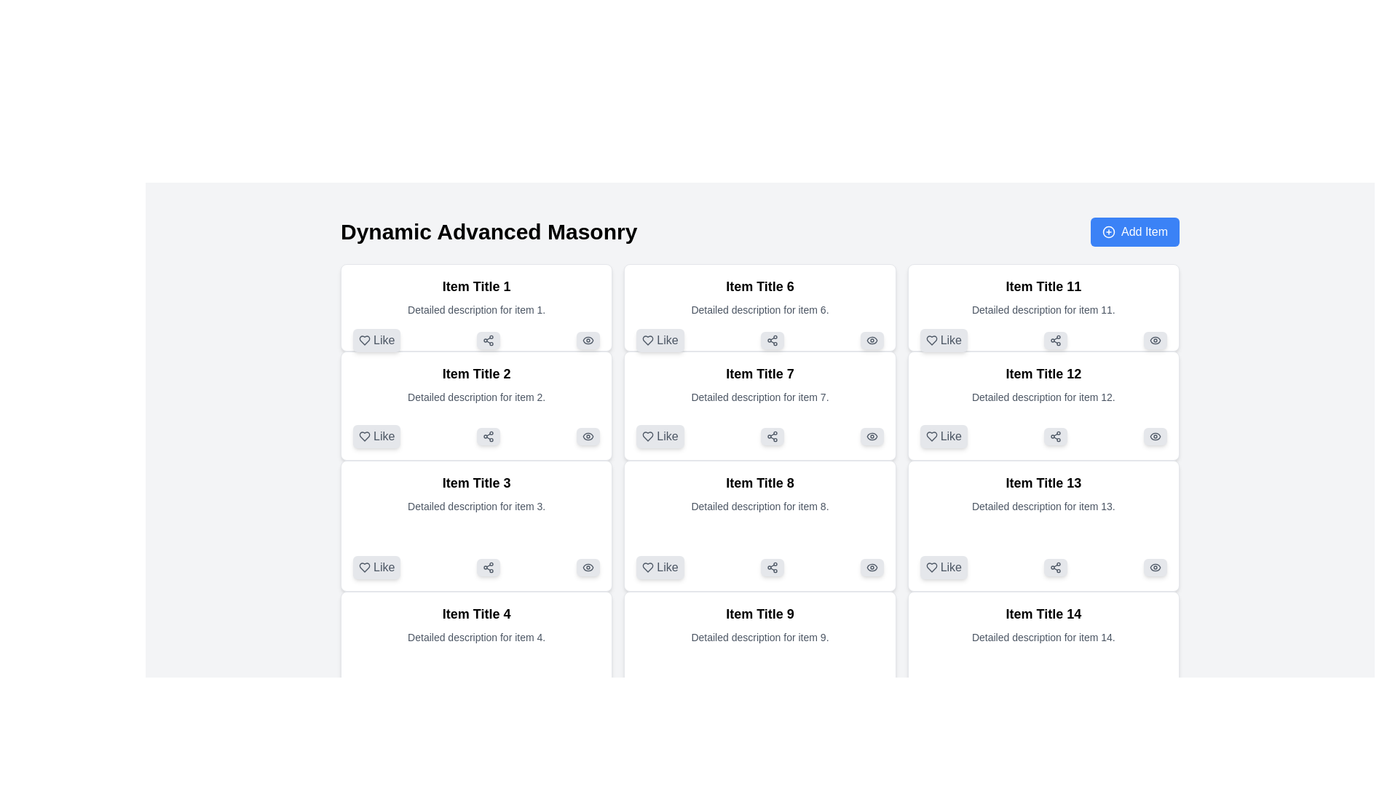 The image size is (1398, 786). What do you see at coordinates (771, 566) in the screenshot?
I see `the icon button resembling a share symbol, which is centrally located within a light gray rounded rectangle` at bounding box center [771, 566].